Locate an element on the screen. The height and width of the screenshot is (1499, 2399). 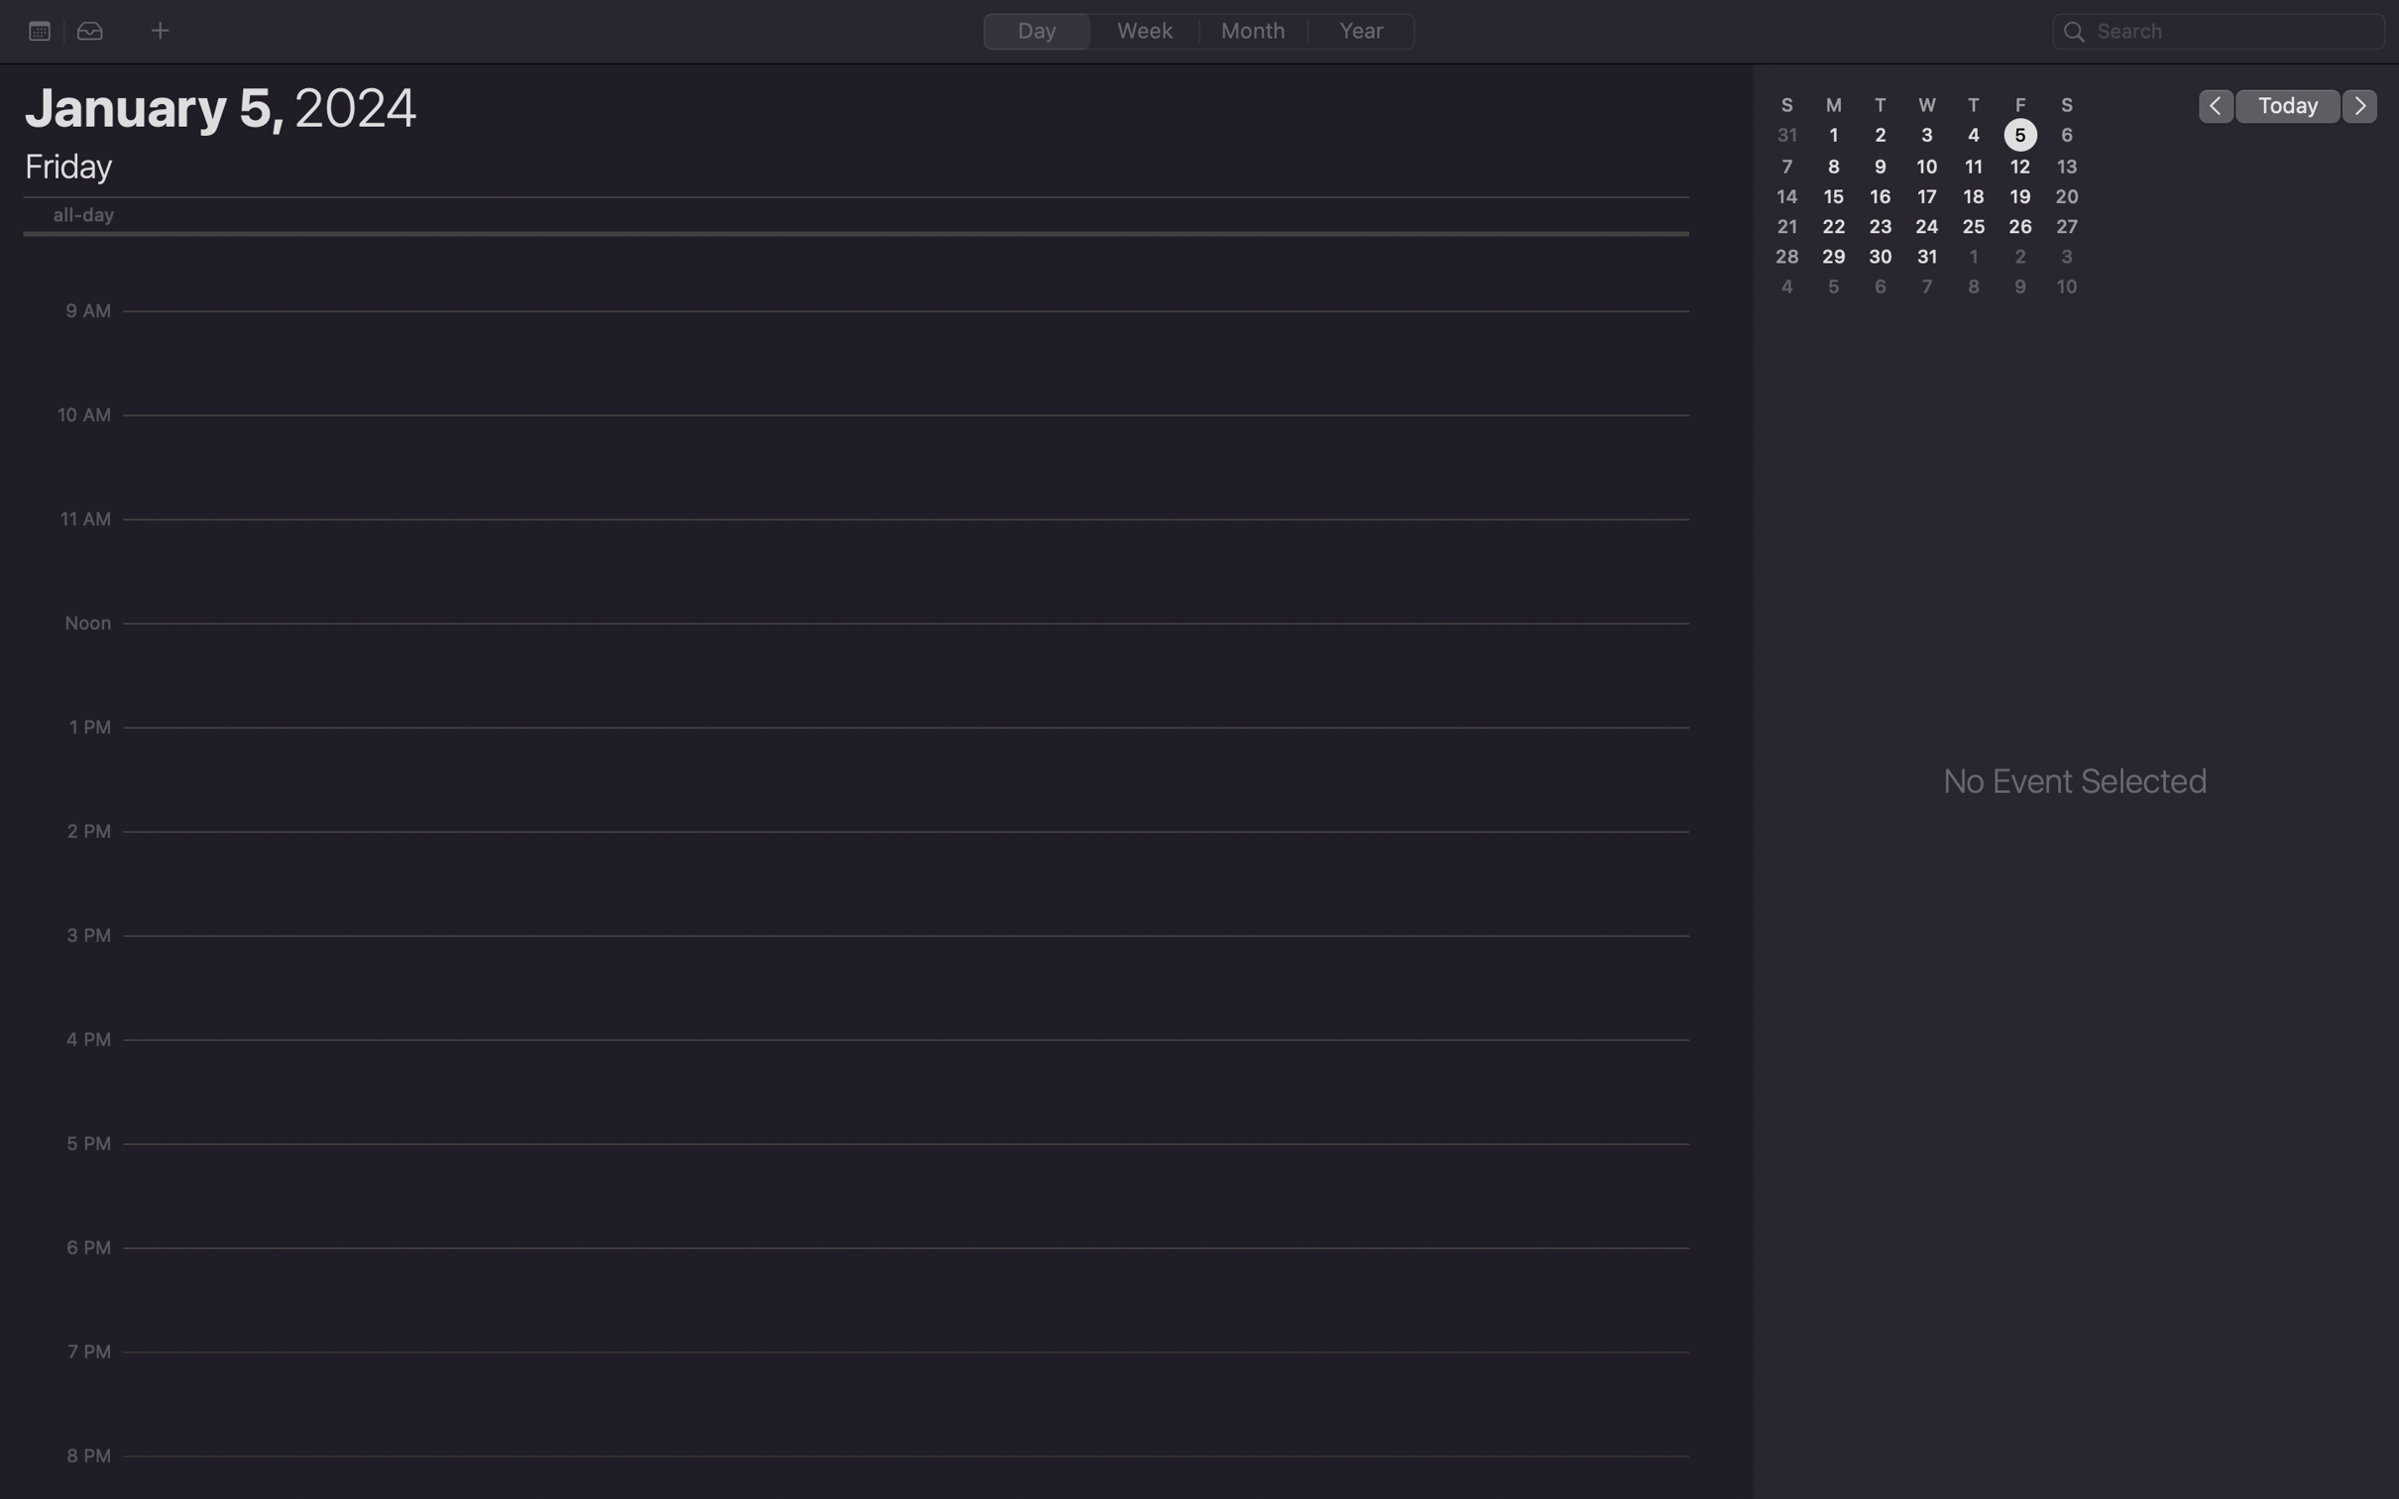
Switch to the month view in the calendar is located at coordinates (1254, 30).